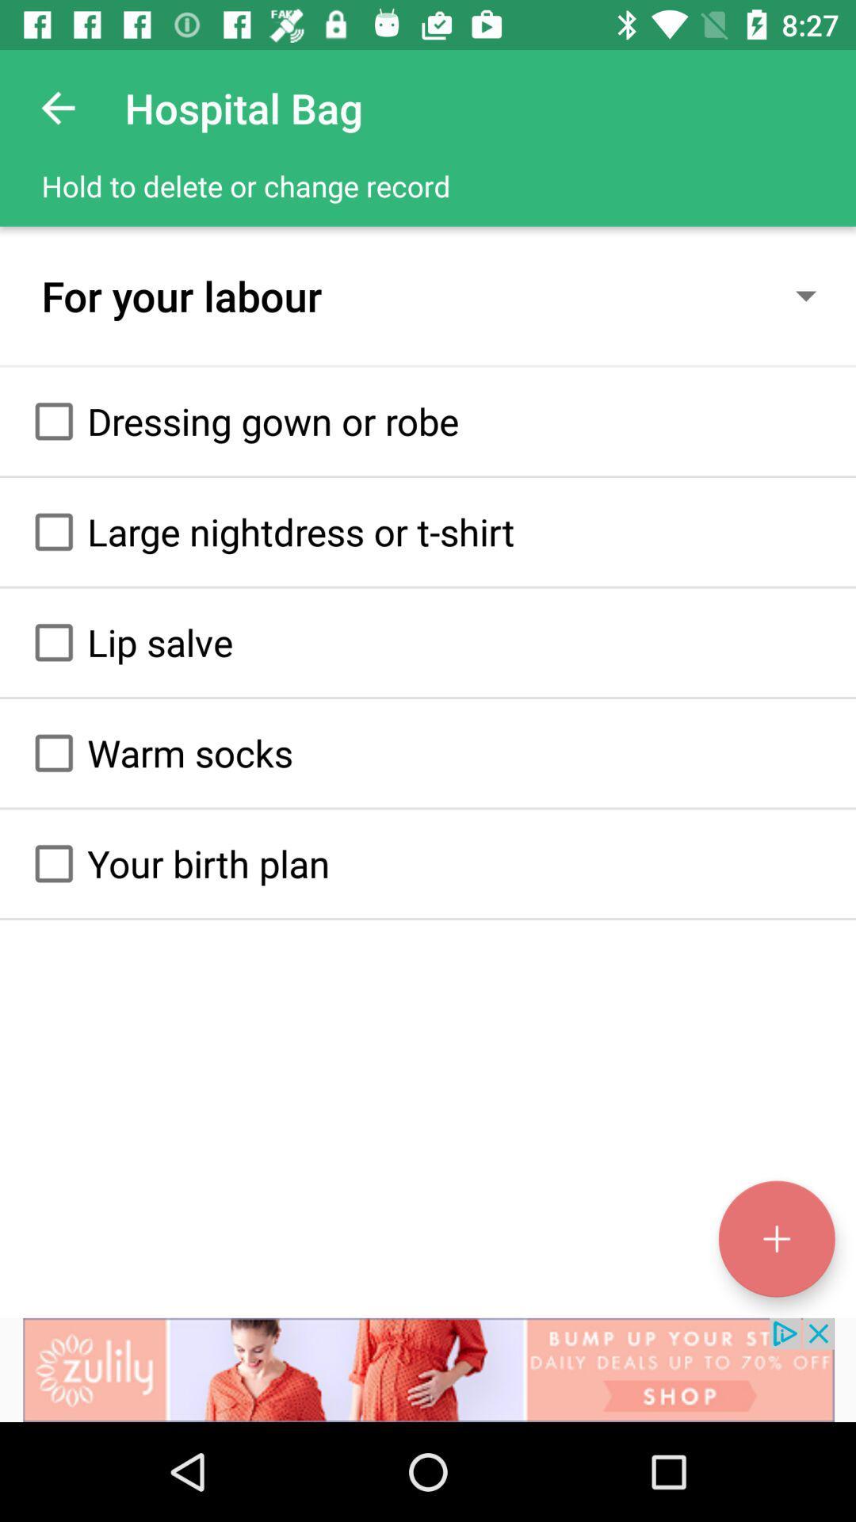  I want to click on click here to go to the required item, so click(53, 421).